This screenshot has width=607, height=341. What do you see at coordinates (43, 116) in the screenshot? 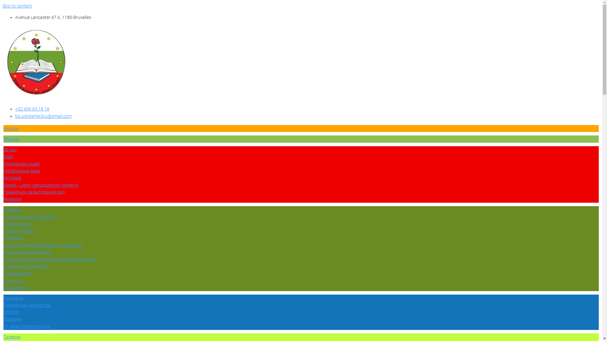
I see `'bg.uchilishte.bru@gmail.com'` at bounding box center [43, 116].